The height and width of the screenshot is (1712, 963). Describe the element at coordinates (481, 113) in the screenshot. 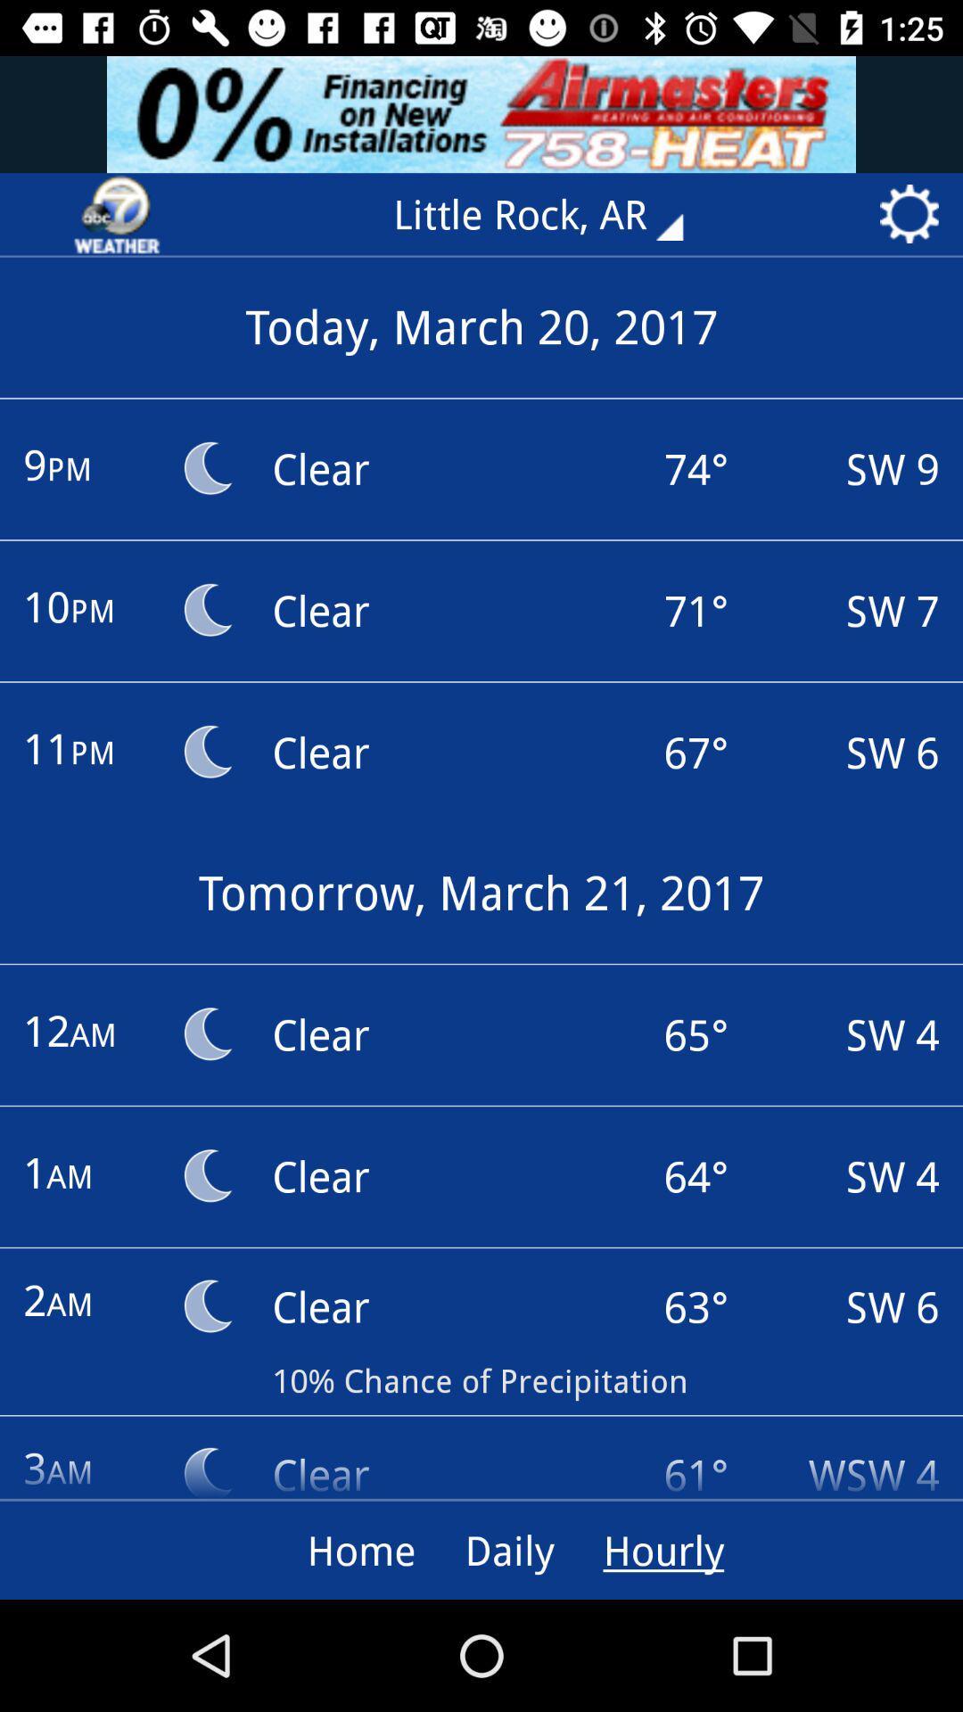

I see `access advertisement` at that location.